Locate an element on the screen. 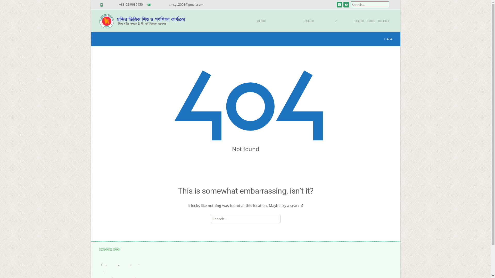 The image size is (495, 278). 'Search for:' is located at coordinates (245, 219).